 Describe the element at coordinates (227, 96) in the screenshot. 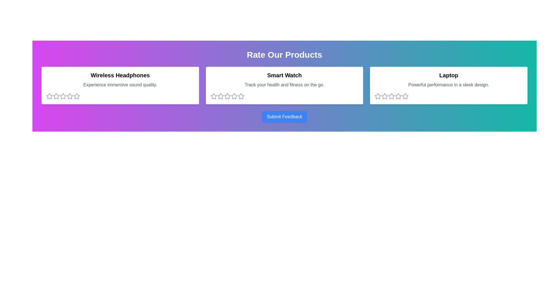

I see `the 3 star for the product Smart Watch to set its rating` at that location.